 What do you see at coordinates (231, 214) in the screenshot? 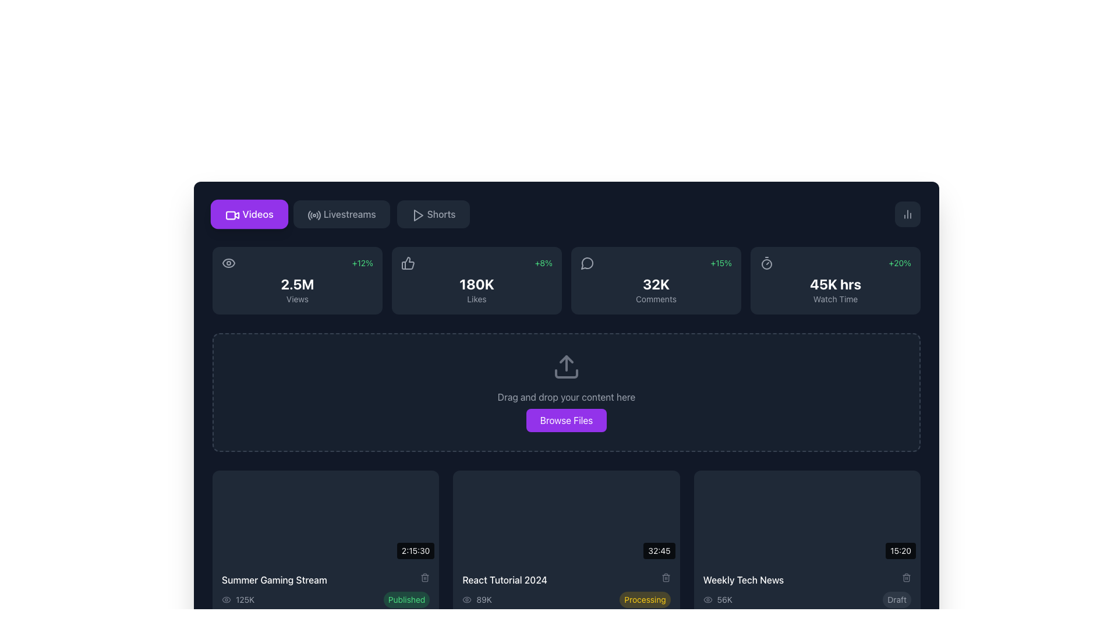
I see `the video icon` at bounding box center [231, 214].